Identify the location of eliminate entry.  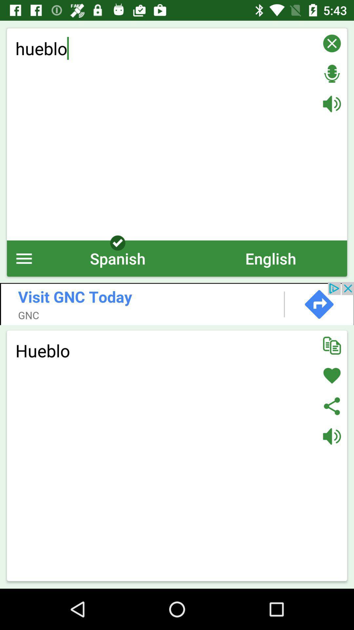
(332, 43).